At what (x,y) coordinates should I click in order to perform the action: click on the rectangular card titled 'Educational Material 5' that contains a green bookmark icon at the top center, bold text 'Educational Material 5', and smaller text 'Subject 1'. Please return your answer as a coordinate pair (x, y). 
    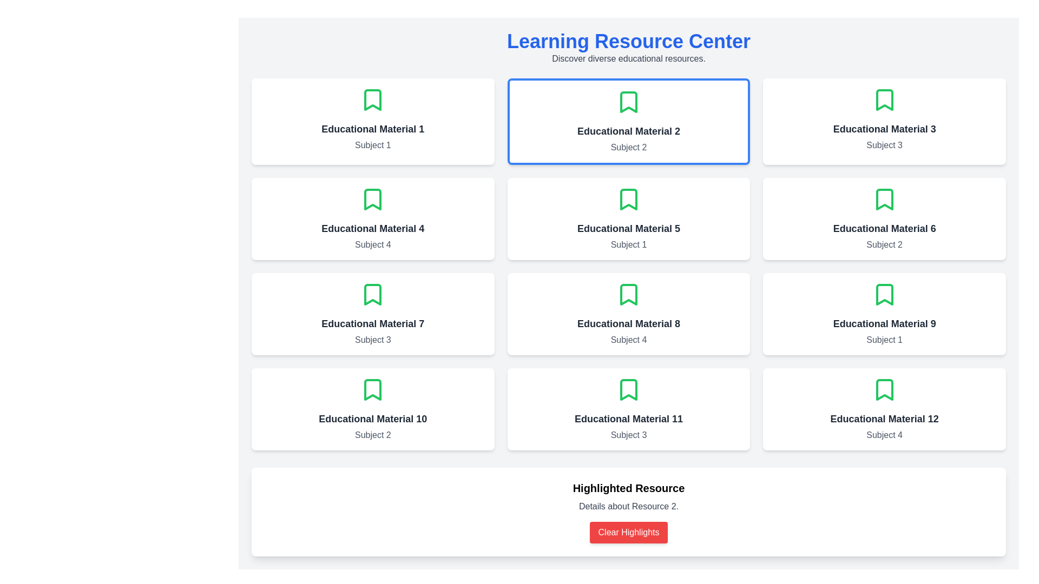
    Looking at the image, I should click on (628, 219).